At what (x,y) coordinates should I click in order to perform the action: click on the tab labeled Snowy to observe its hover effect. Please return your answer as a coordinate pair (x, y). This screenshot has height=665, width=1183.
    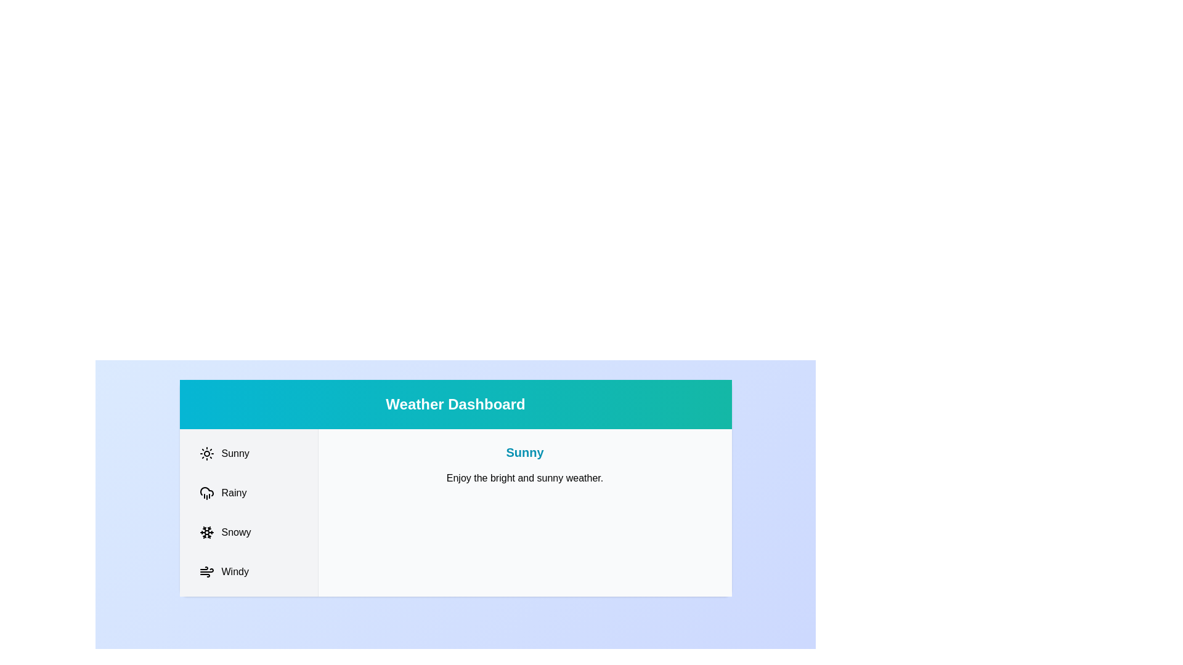
    Looking at the image, I should click on (248, 531).